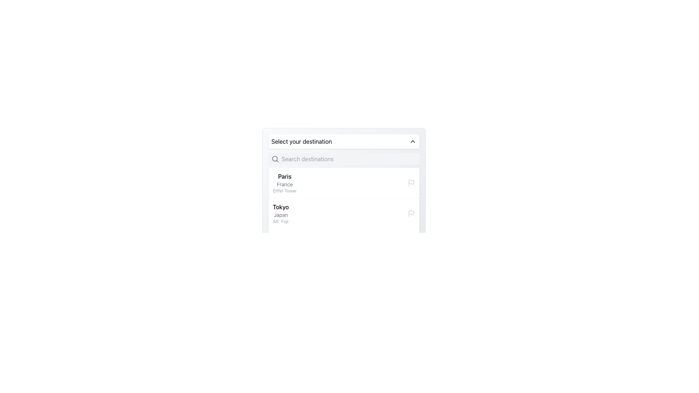 Image resolution: width=699 pixels, height=393 pixels. I want to click on the 'Select your destination' dropdown button, which is a rectangular tab with rounded borders and a dropdown indicator on the right, so click(343, 142).